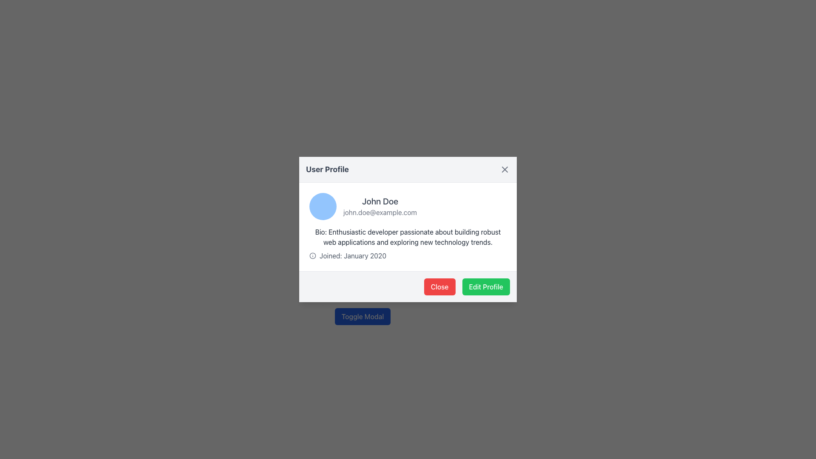 This screenshot has width=816, height=459. Describe the element at coordinates (486, 287) in the screenshot. I see `the 'Edit Profile' button, which is a rectangular button with a vibrant green background and white bold text, located in the bottom right corner of the modal dialog box` at that location.